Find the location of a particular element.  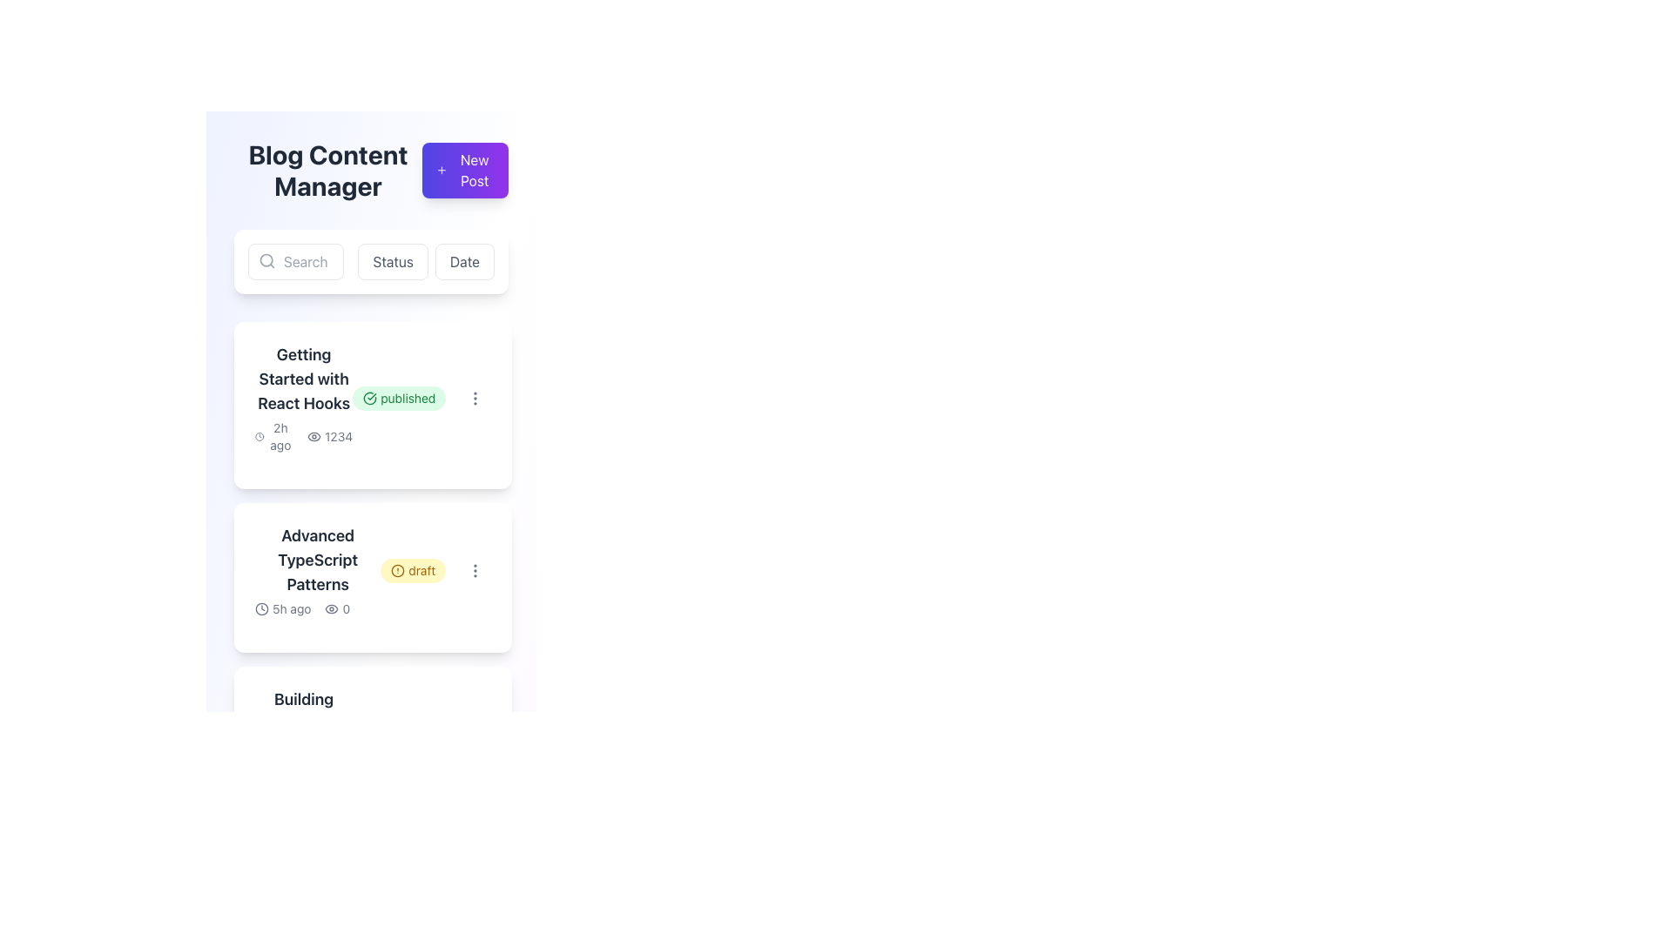

the pair of buttons for sorting or filtering content located just to the right of the search bar is located at coordinates (426, 261).